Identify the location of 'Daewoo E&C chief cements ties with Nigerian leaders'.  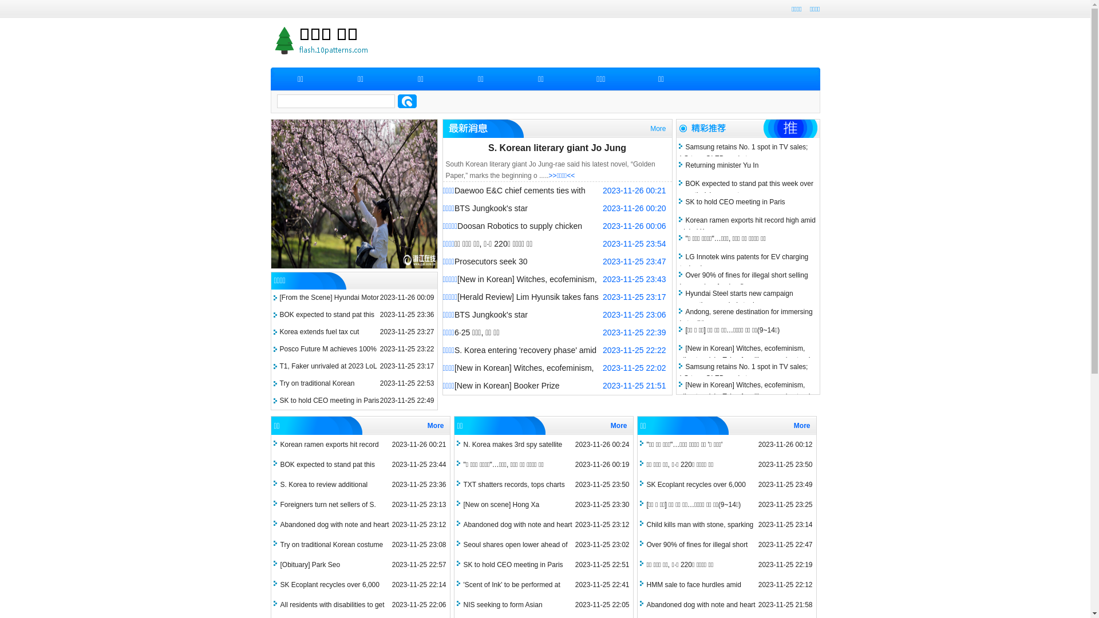
(513, 199).